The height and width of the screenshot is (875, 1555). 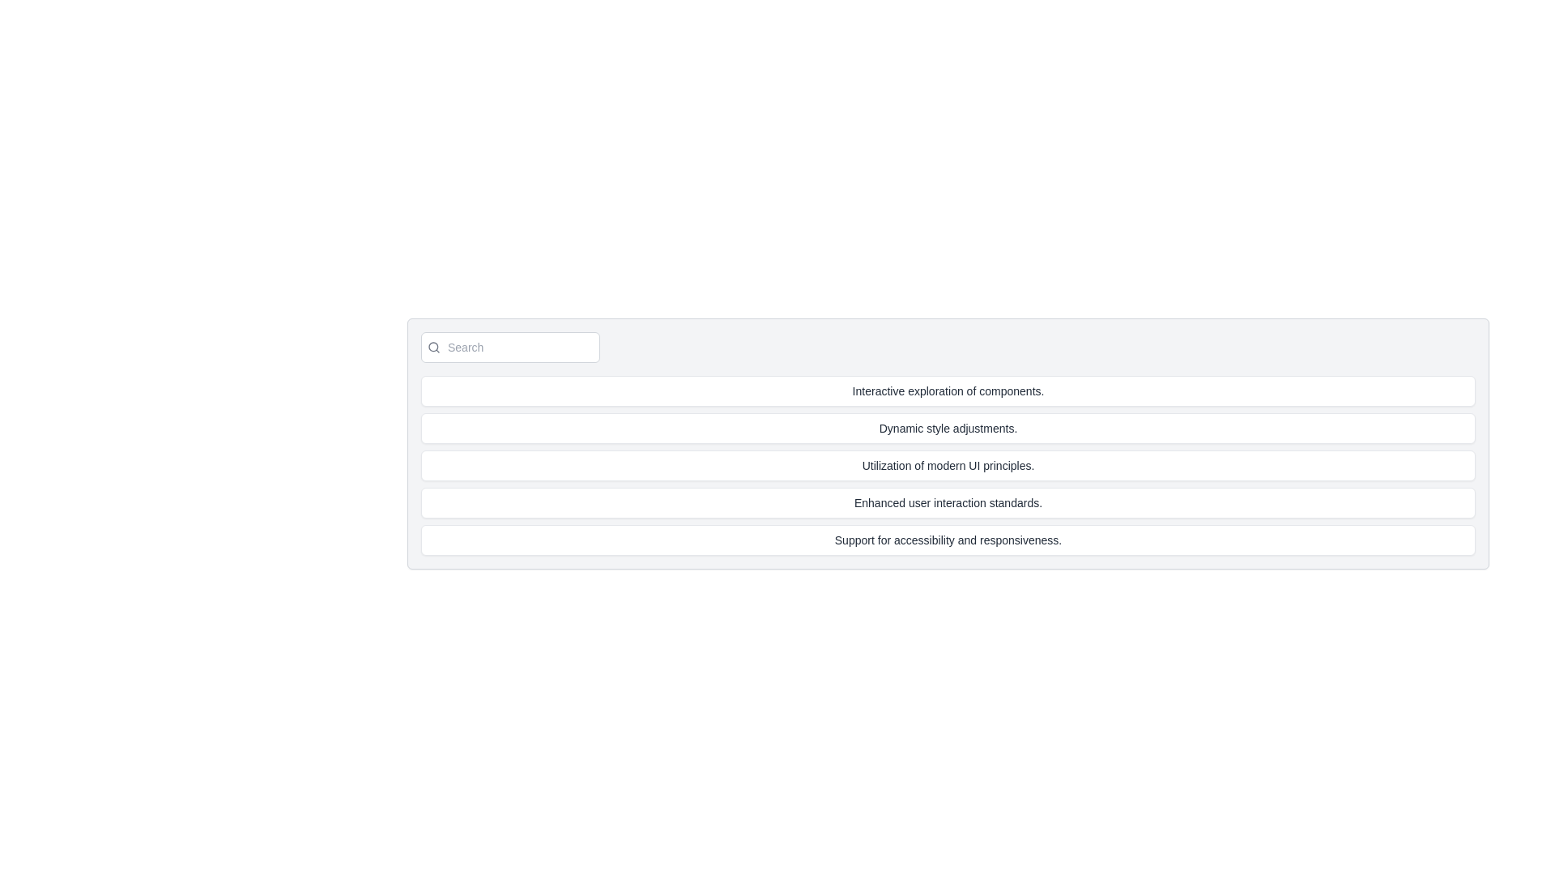 I want to click on the character 'j' in the text 'Dynamic style adjustments.' which is the last character of the word 'adjustments', so click(x=967, y=427).